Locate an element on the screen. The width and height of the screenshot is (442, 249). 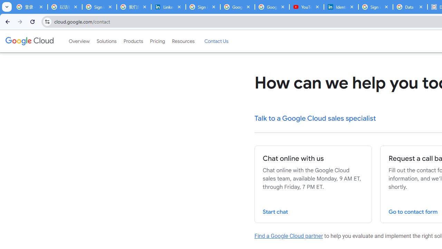
'Find a Google Cloud partner' is located at coordinates (288, 236).